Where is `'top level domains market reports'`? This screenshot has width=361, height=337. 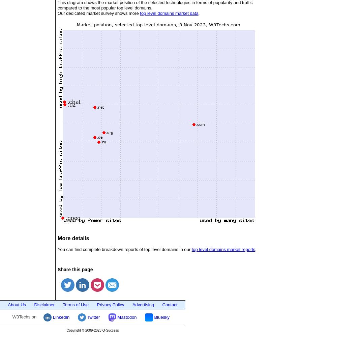
'top level domains market reports' is located at coordinates (223, 249).